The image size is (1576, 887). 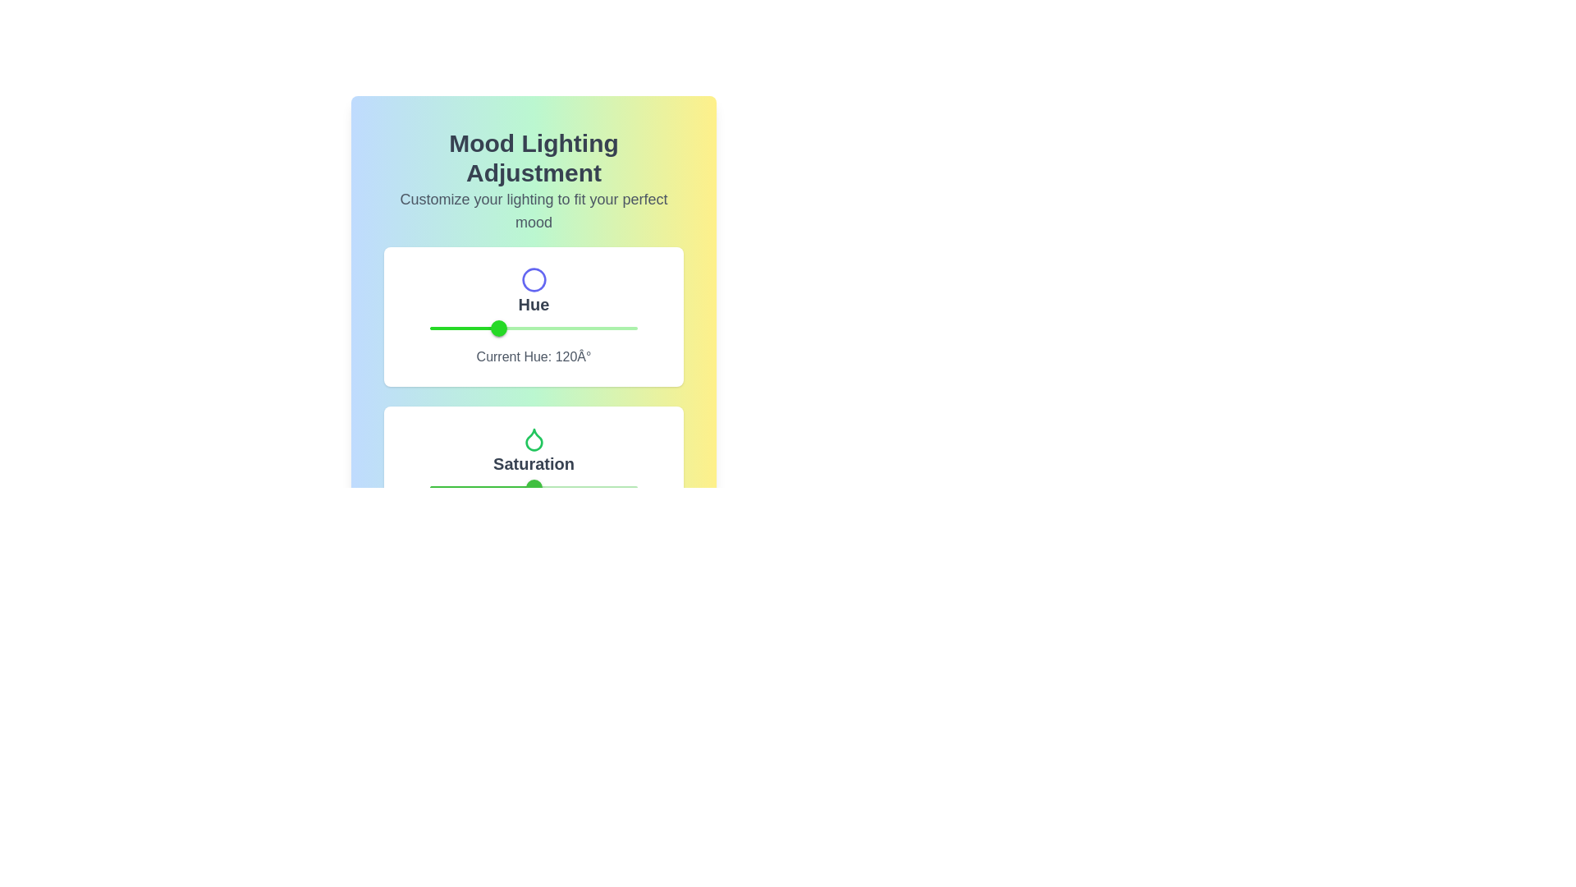 What do you see at coordinates (486, 329) in the screenshot?
I see `the hue` at bounding box center [486, 329].